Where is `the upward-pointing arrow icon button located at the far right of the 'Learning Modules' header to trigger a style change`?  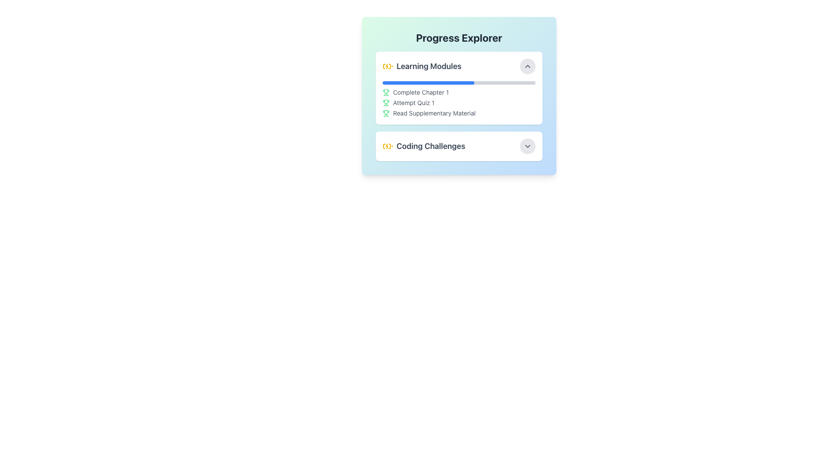
the upward-pointing arrow icon button located at the far right of the 'Learning Modules' header to trigger a style change is located at coordinates (527, 66).